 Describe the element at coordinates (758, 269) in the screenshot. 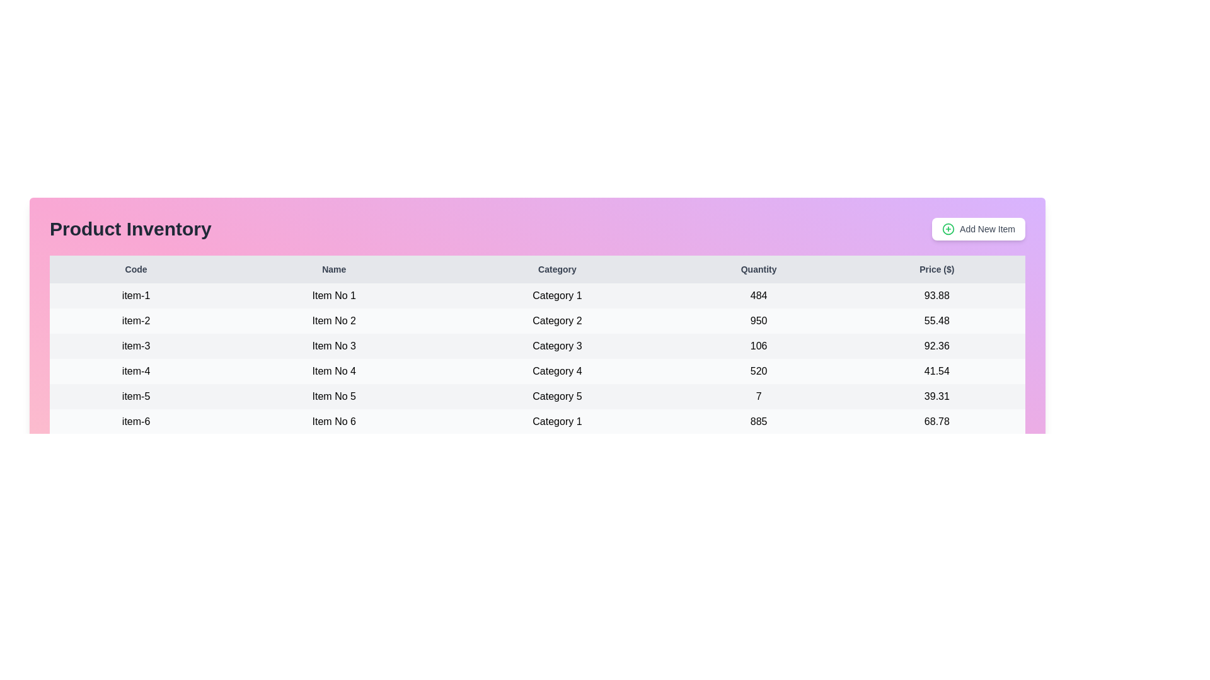

I see `the table header Quantity to observe sorting functionality` at that location.